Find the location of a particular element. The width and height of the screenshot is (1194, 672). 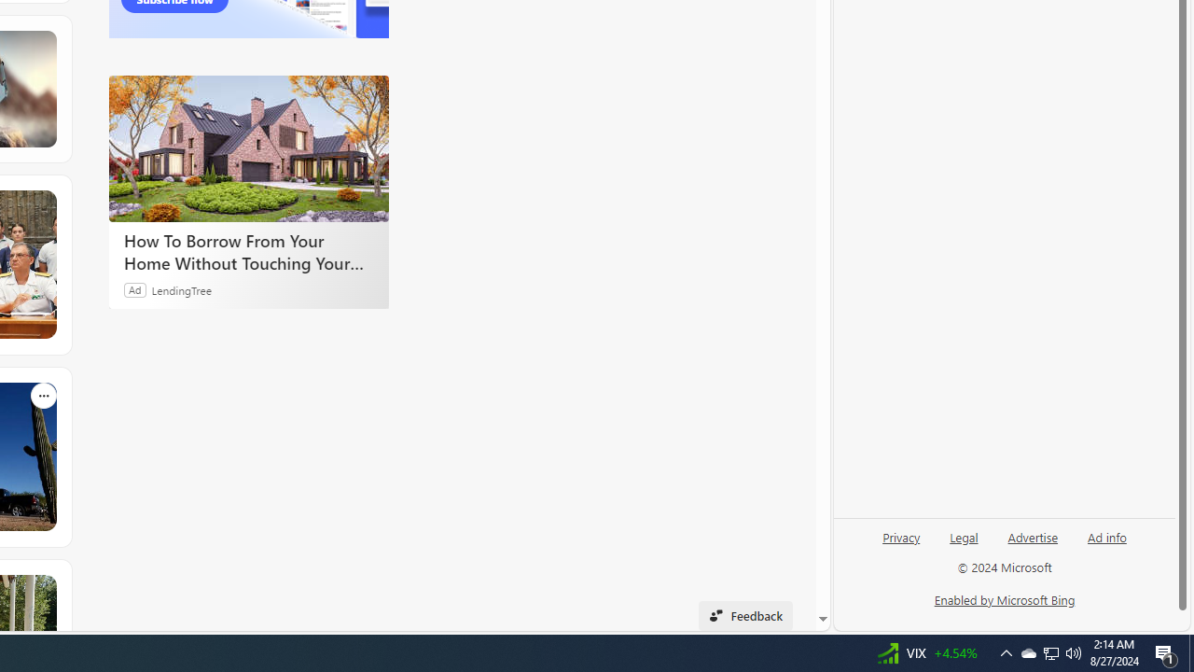

'Legal' is located at coordinates (964, 544).